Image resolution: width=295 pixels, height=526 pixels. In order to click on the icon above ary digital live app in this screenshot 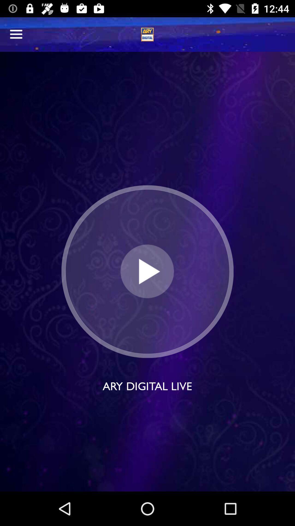, I will do `click(147, 271)`.